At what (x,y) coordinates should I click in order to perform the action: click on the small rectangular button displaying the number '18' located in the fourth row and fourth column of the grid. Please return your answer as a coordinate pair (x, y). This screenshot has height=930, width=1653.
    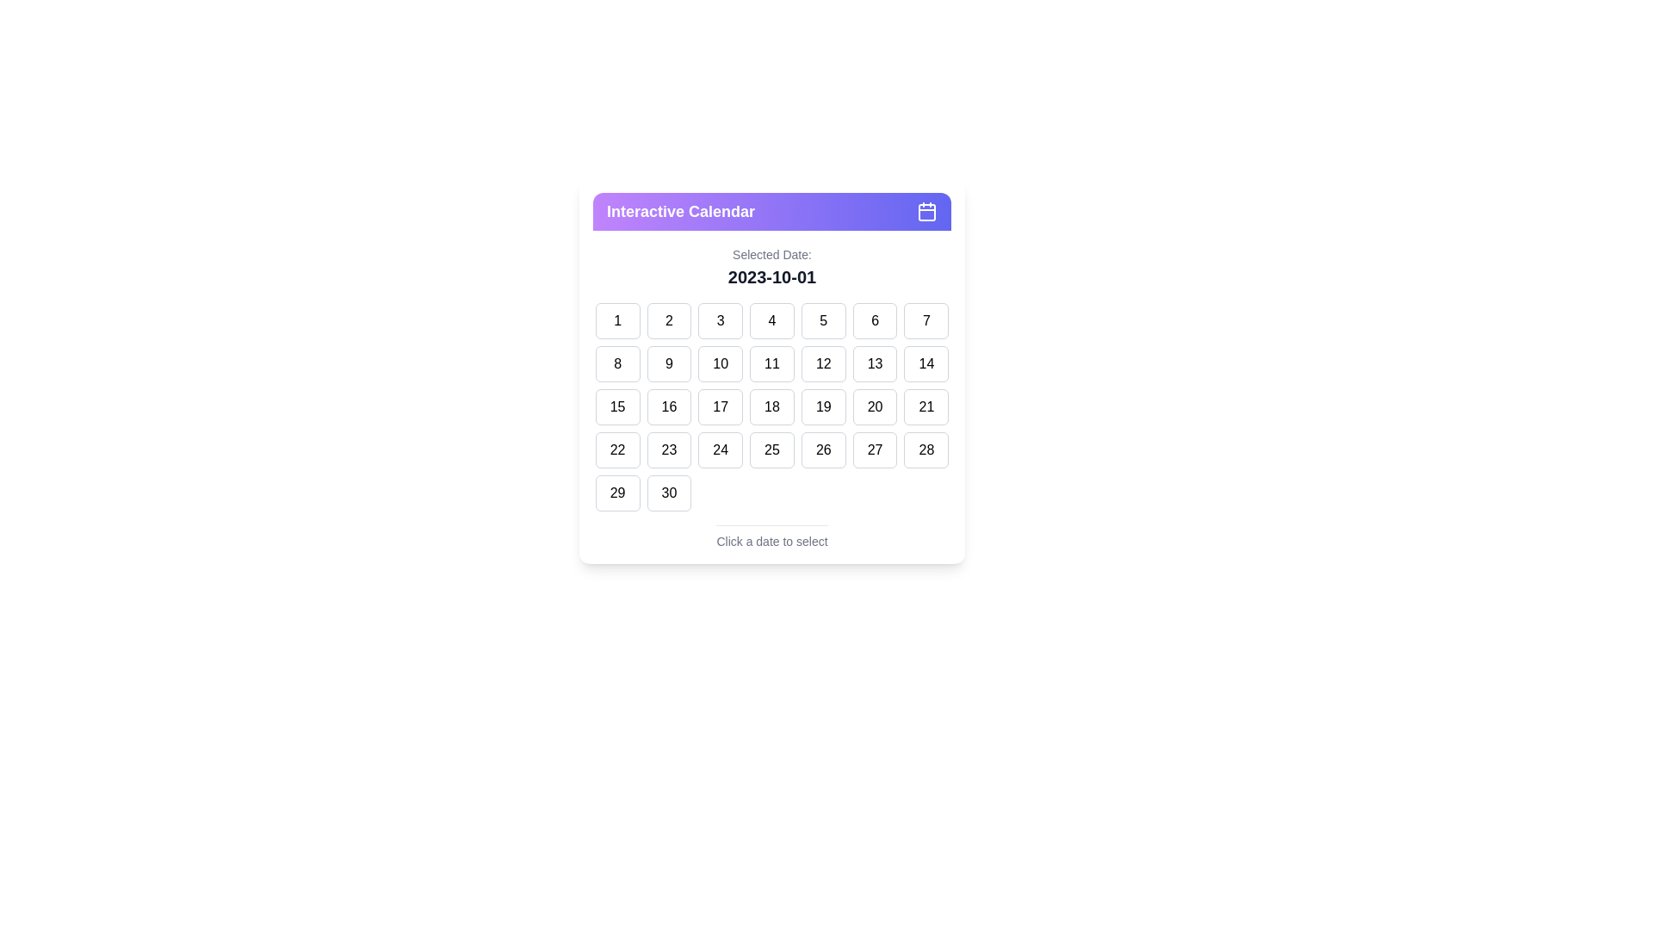
    Looking at the image, I should click on (771, 407).